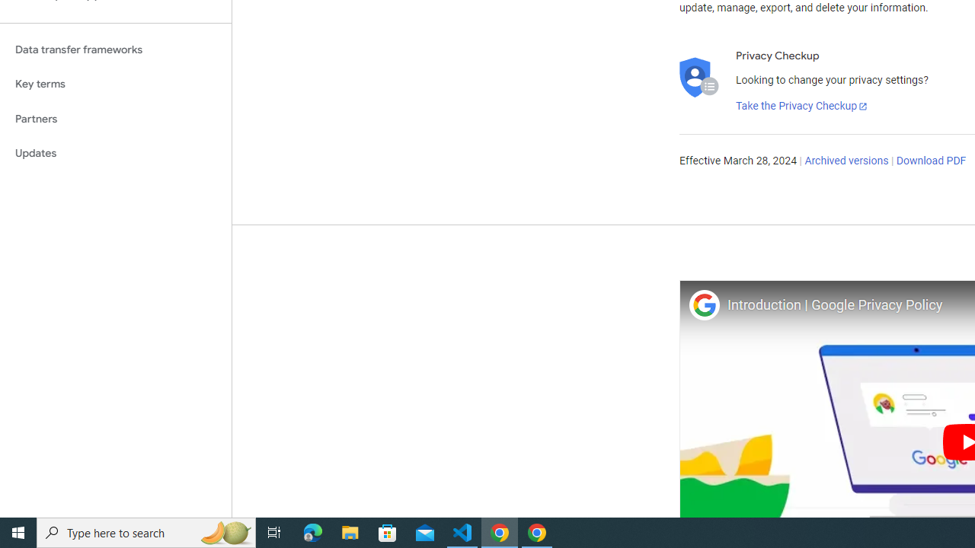 This screenshot has width=975, height=548. I want to click on 'Photo image of Google', so click(703, 304).